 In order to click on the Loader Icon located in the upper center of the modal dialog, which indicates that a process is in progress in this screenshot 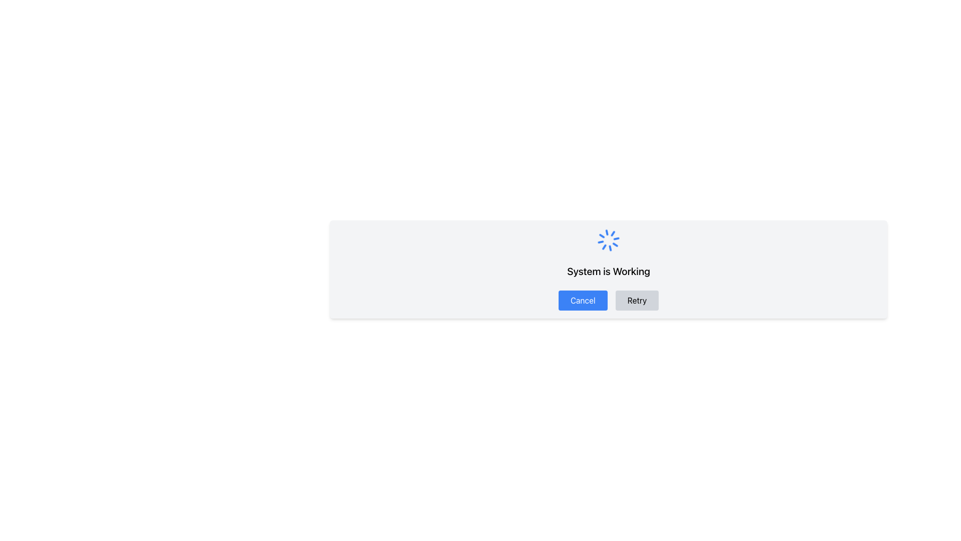, I will do `click(608, 240)`.